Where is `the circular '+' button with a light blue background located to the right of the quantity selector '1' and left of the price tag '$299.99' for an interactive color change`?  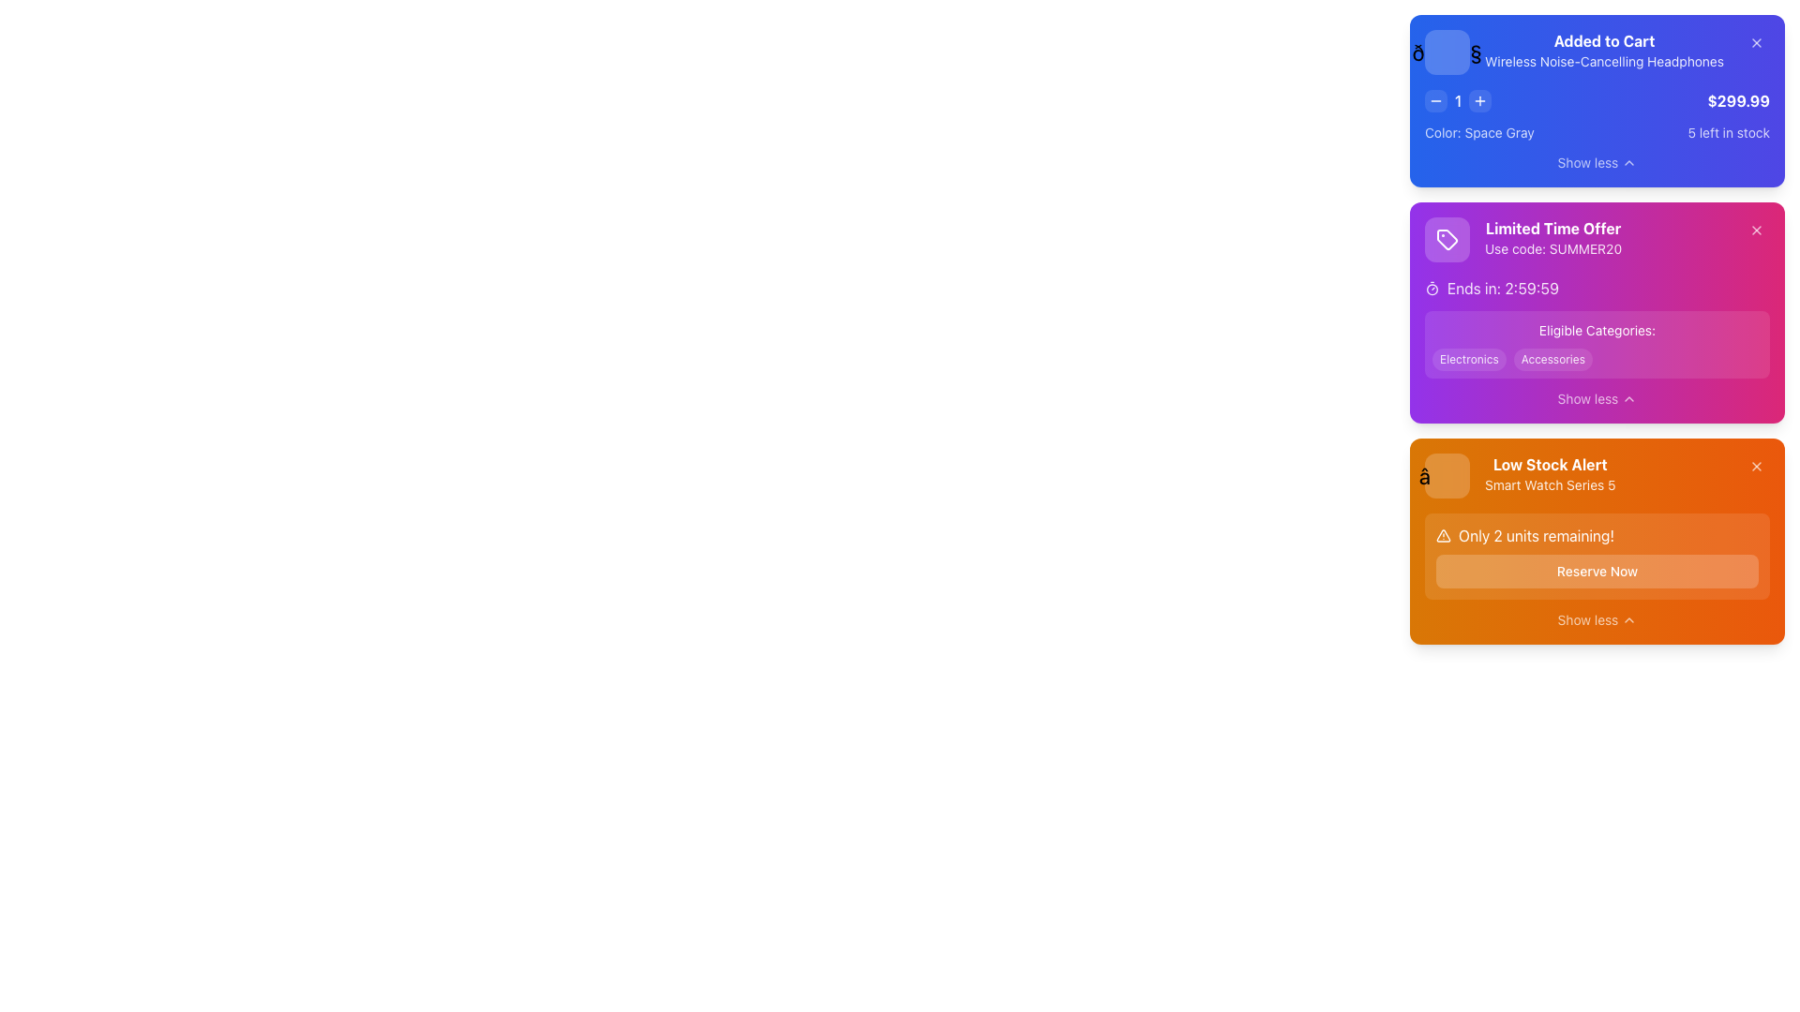
the circular '+' button with a light blue background located to the right of the quantity selector '1' and left of the price tag '$299.99' for an interactive color change is located at coordinates (1479, 101).